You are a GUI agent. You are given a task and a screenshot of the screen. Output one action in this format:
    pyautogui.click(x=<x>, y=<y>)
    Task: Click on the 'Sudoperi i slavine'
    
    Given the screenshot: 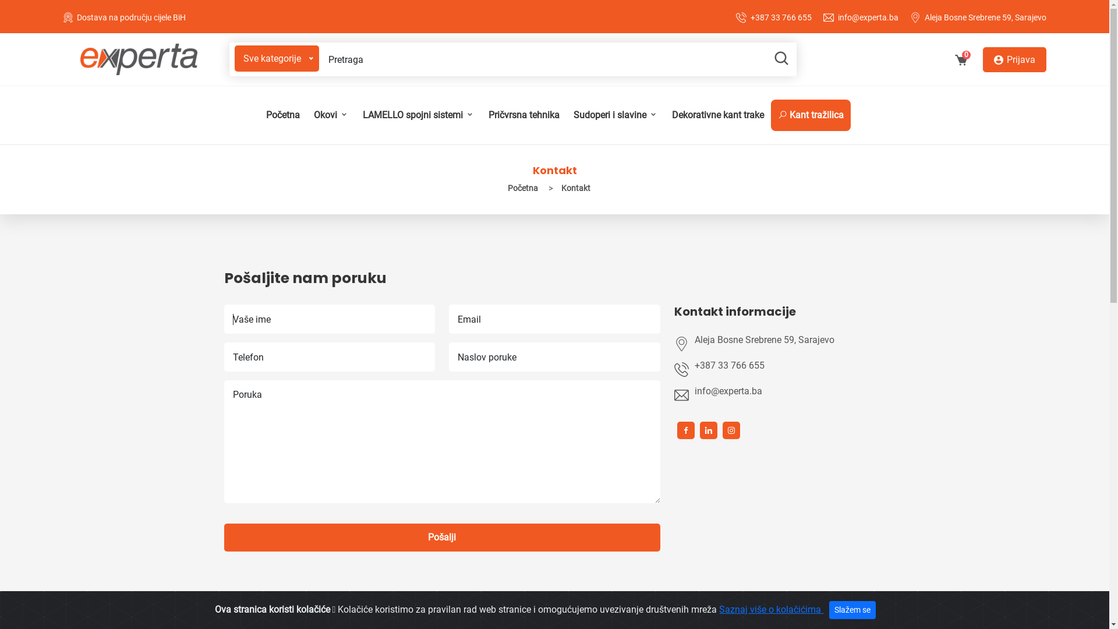 What is the action you would take?
    pyautogui.click(x=614, y=115)
    